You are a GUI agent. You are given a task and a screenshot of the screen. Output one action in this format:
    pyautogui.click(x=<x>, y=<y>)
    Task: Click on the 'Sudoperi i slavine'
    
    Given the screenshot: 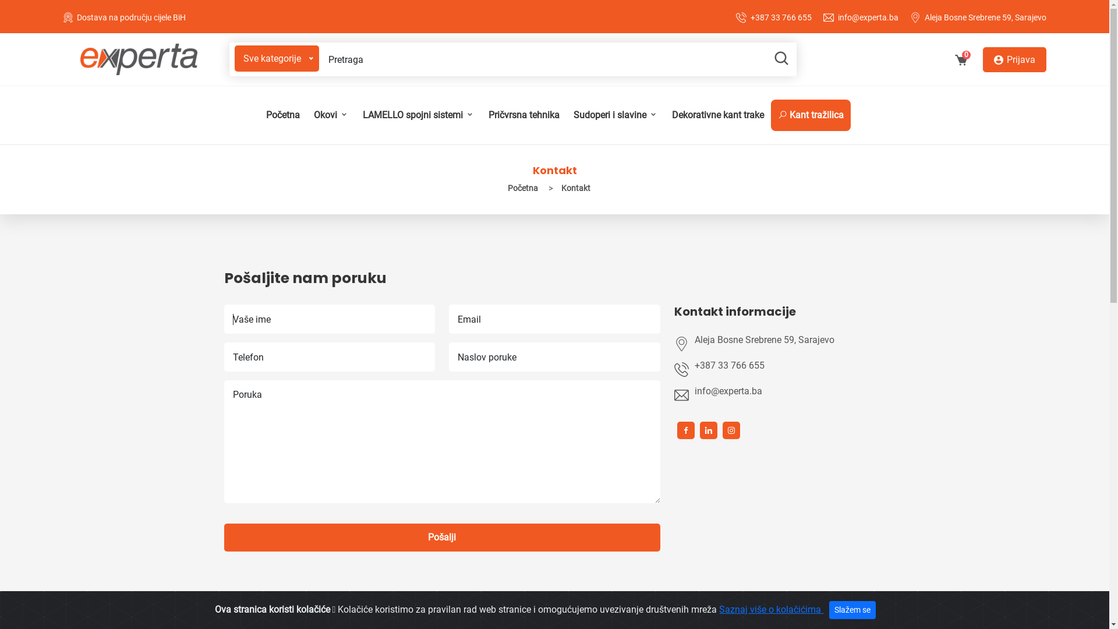 What is the action you would take?
    pyautogui.click(x=614, y=115)
    